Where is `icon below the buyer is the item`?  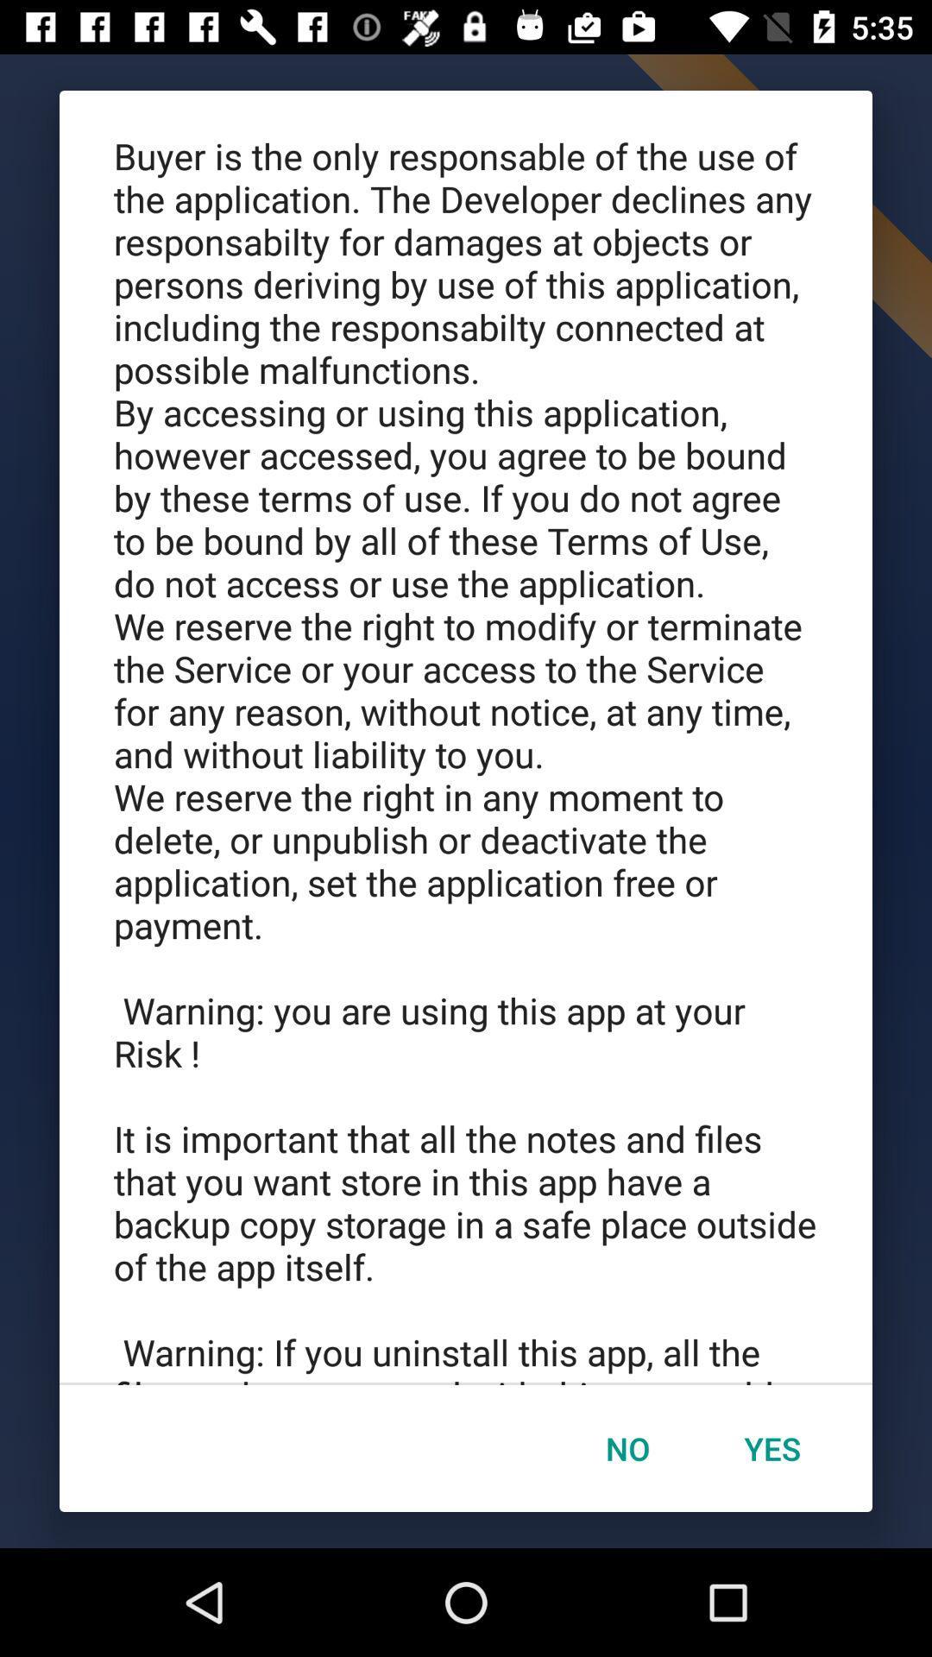
icon below the buyer is the item is located at coordinates (771, 1448).